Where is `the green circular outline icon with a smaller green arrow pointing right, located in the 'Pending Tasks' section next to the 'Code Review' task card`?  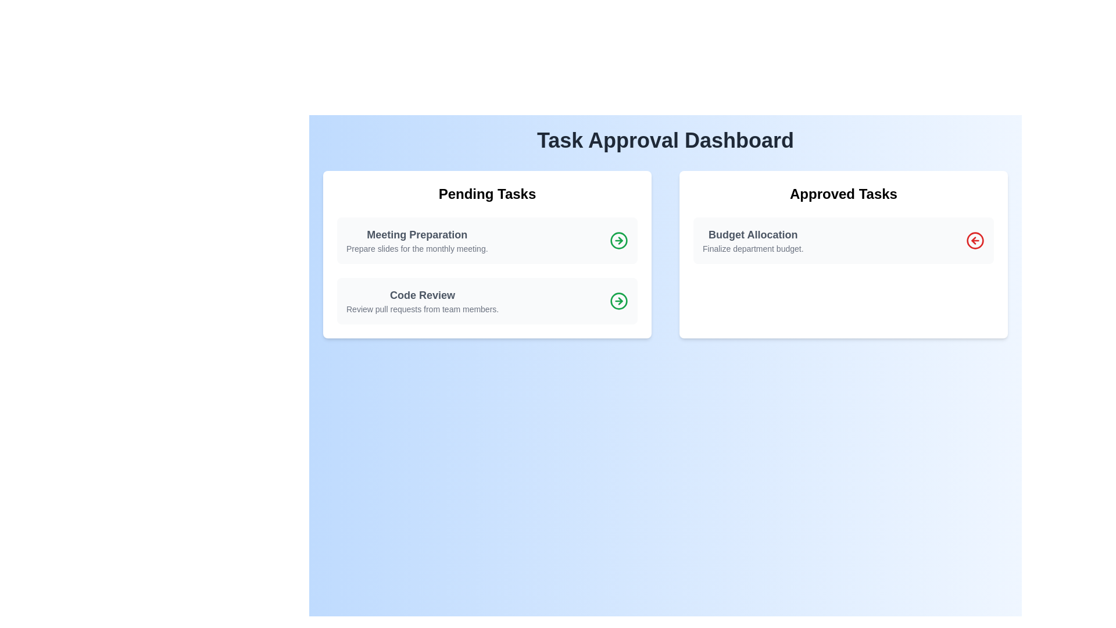
the green circular outline icon with a smaller green arrow pointing right, located in the 'Pending Tasks' section next to the 'Code Review' task card is located at coordinates (618, 240).